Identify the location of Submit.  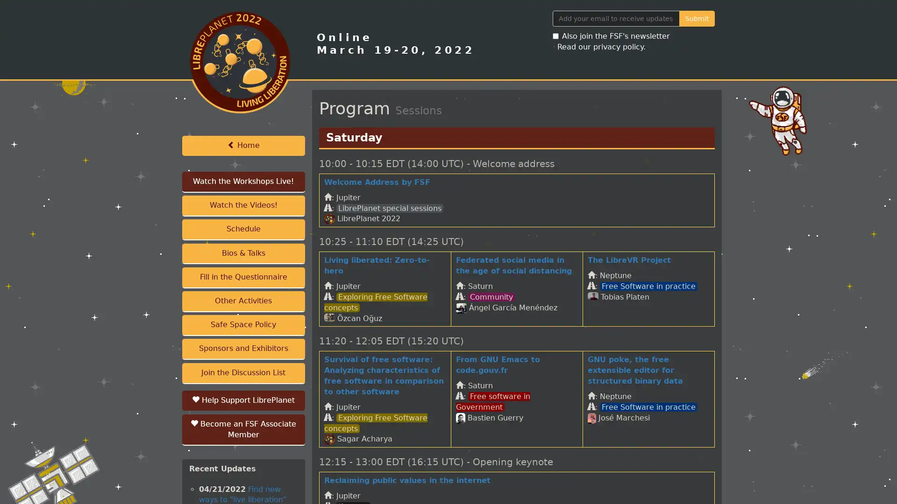
(697, 18).